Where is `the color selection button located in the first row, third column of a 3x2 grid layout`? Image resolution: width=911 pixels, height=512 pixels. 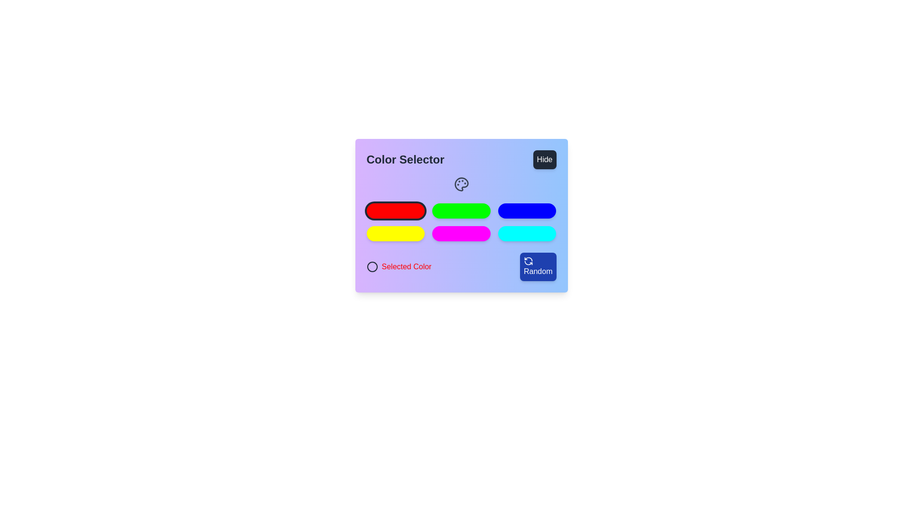
the color selection button located in the first row, third column of a 3x2 grid layout is located at coordinates (527, 210).